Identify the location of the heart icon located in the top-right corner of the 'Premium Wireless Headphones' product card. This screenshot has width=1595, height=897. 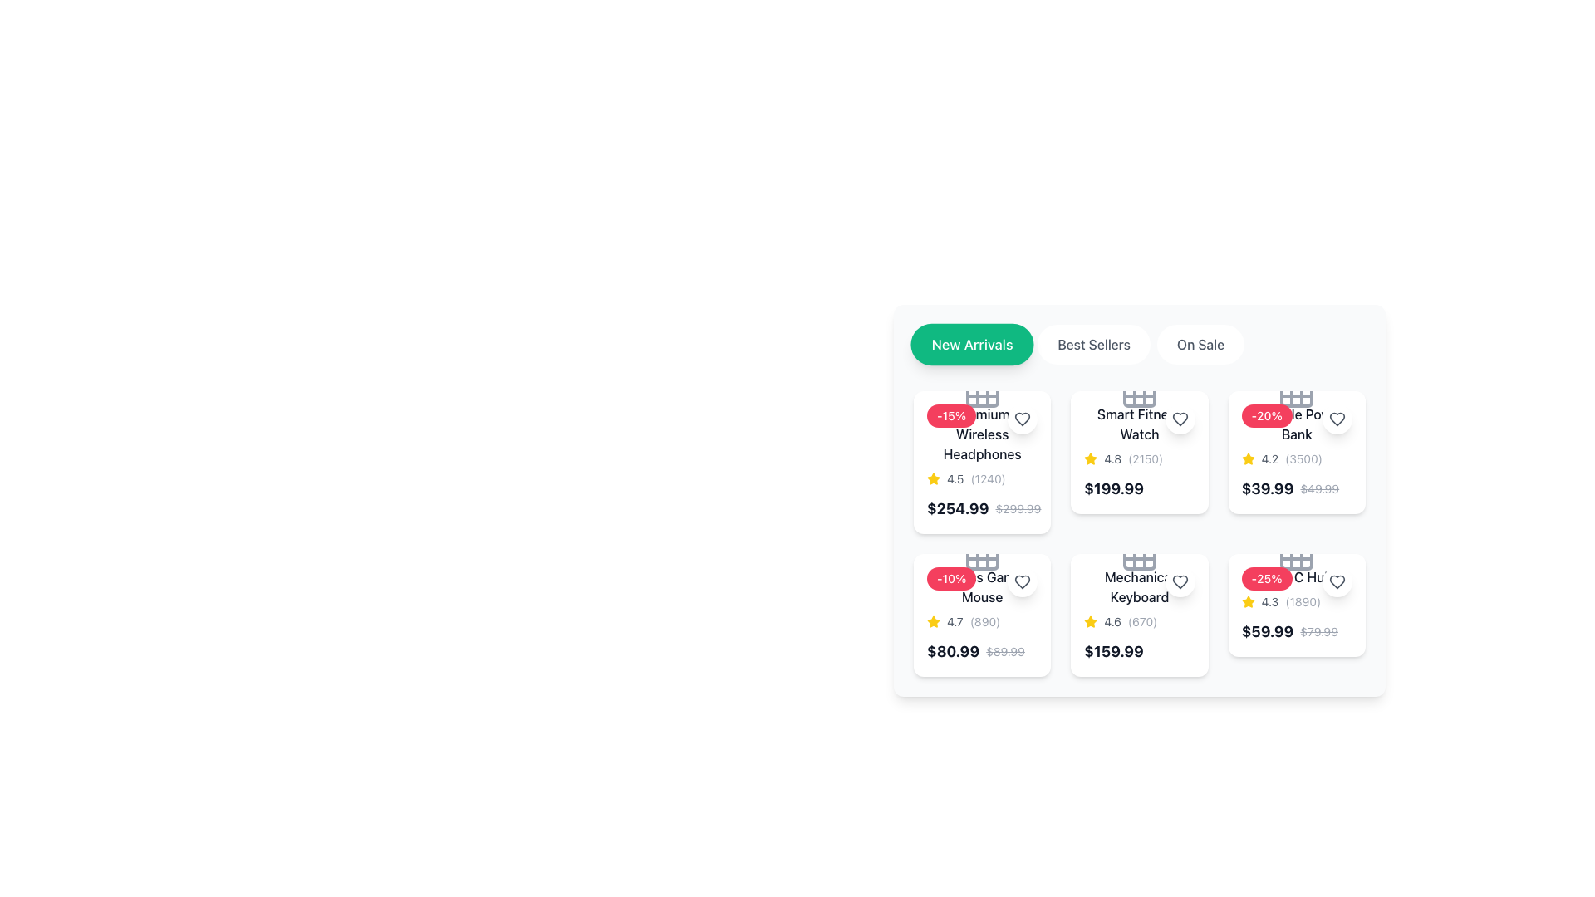
(1022, 581).